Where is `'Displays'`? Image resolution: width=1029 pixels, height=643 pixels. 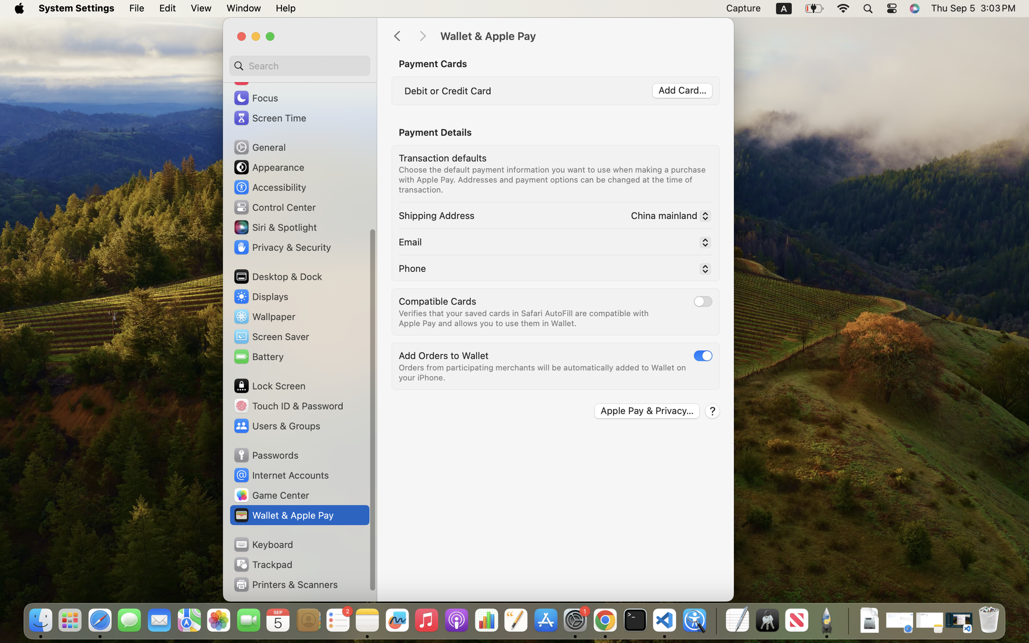
'Displays' is located at coordinates (261, 296).